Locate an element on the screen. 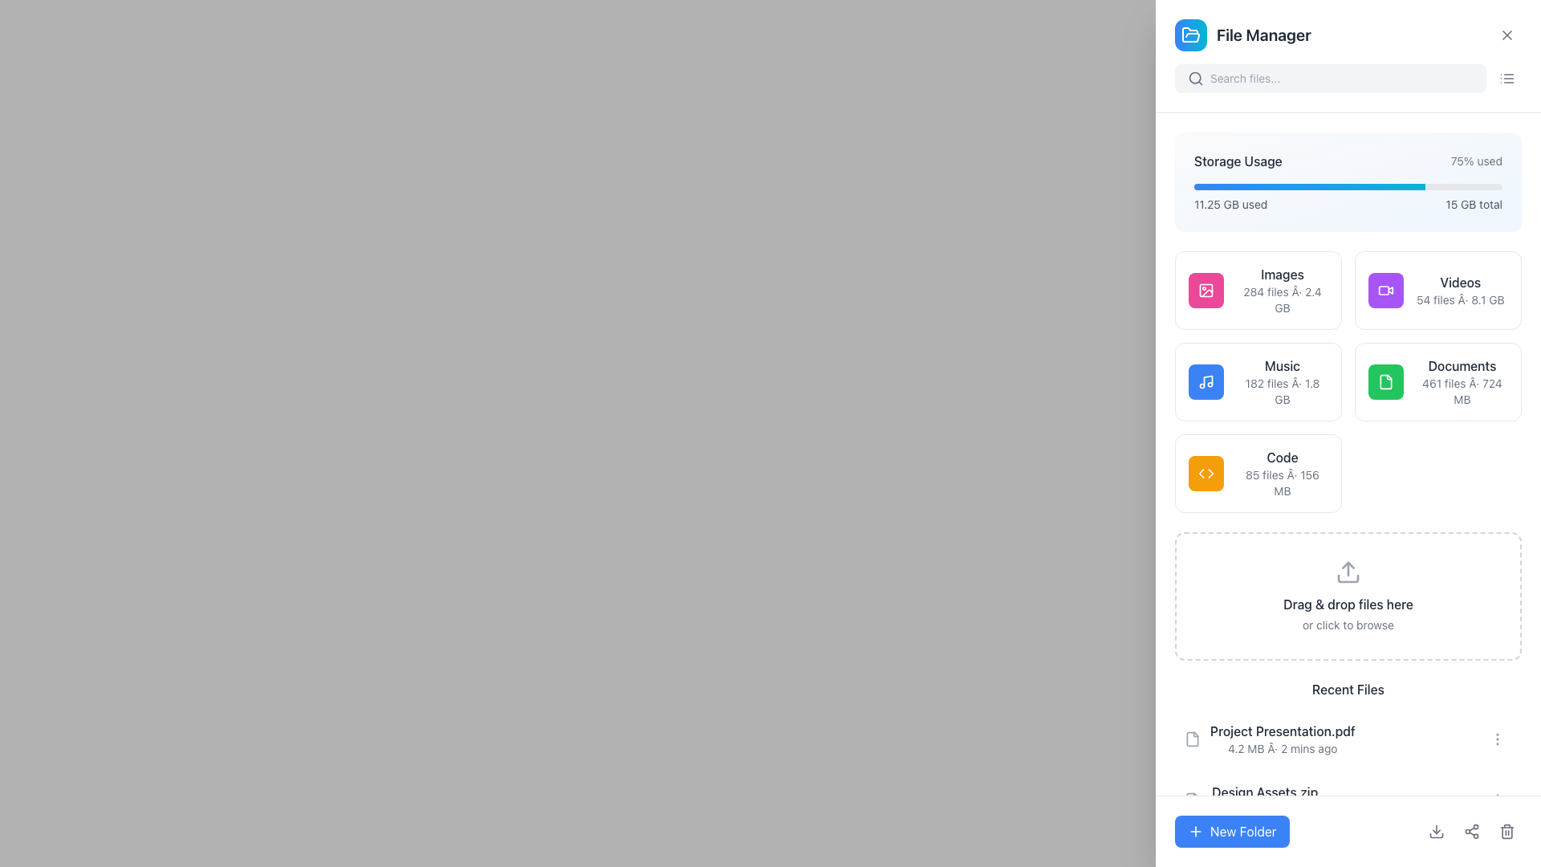 The height and width of the screenshot is (867, 1541). the close button with an 'X' icon located at the far right of the 'File Manager' header is located at coordinates (1506, 35).